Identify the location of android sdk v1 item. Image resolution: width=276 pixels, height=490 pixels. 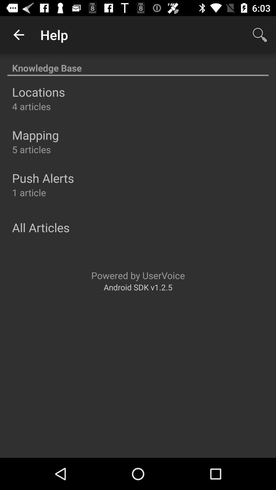
(138, 287).